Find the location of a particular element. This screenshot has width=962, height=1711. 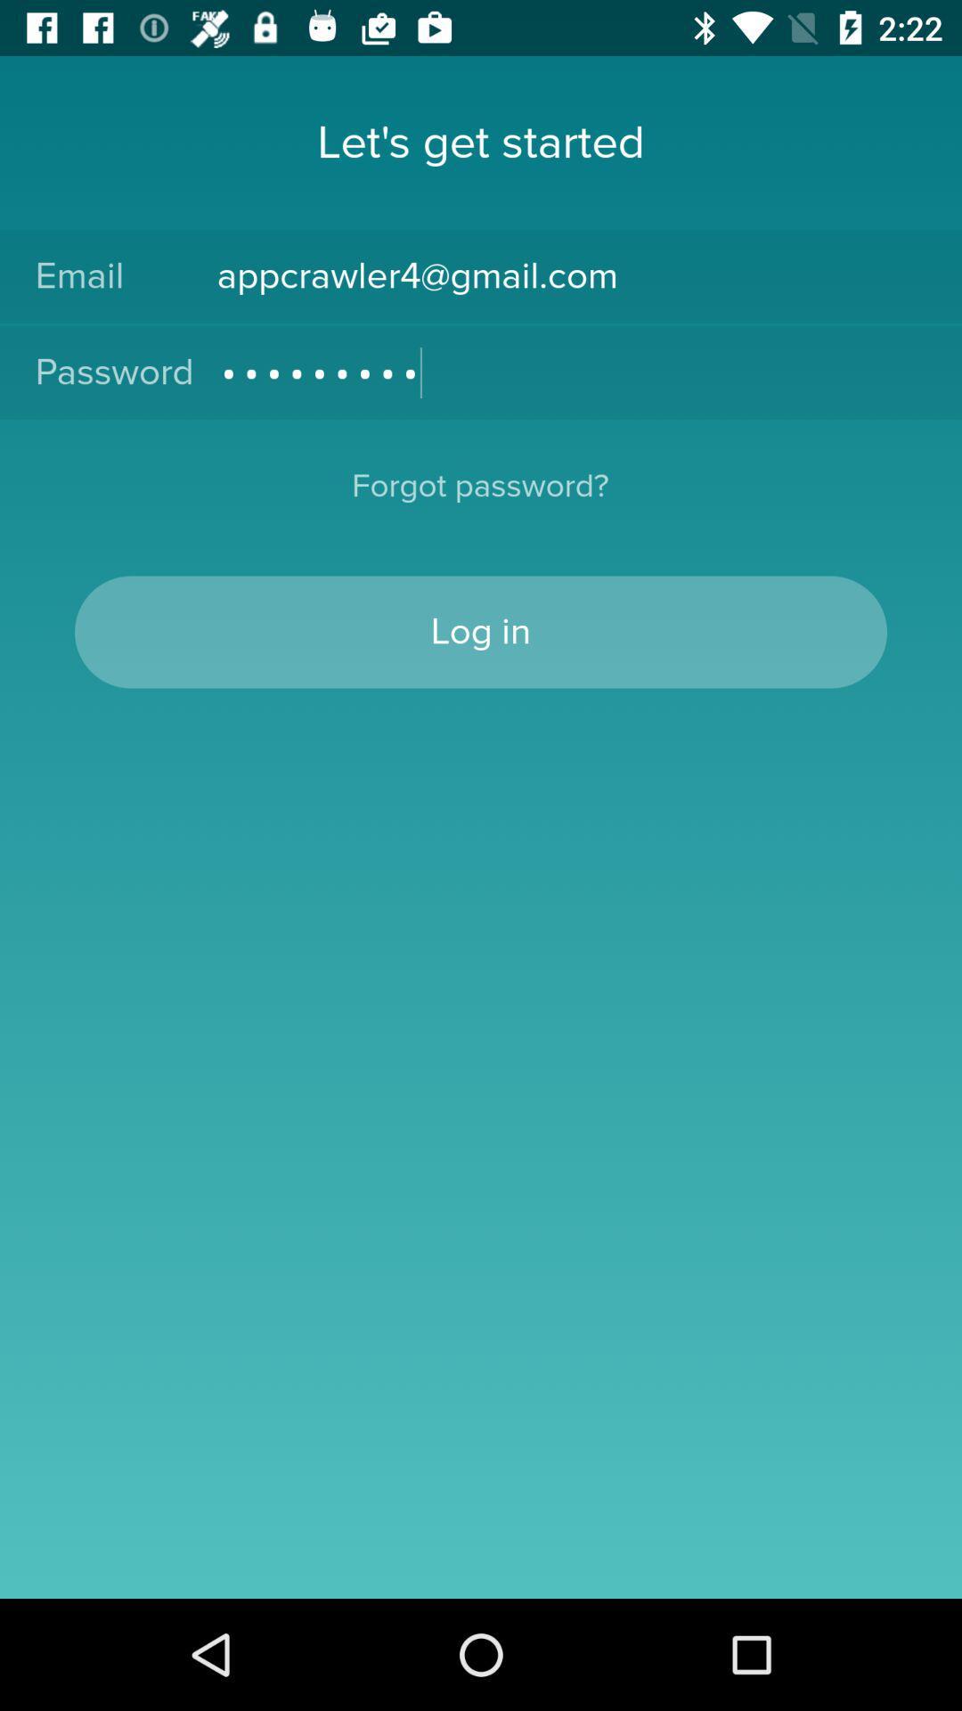

log in is located at coordinates (481, 632).